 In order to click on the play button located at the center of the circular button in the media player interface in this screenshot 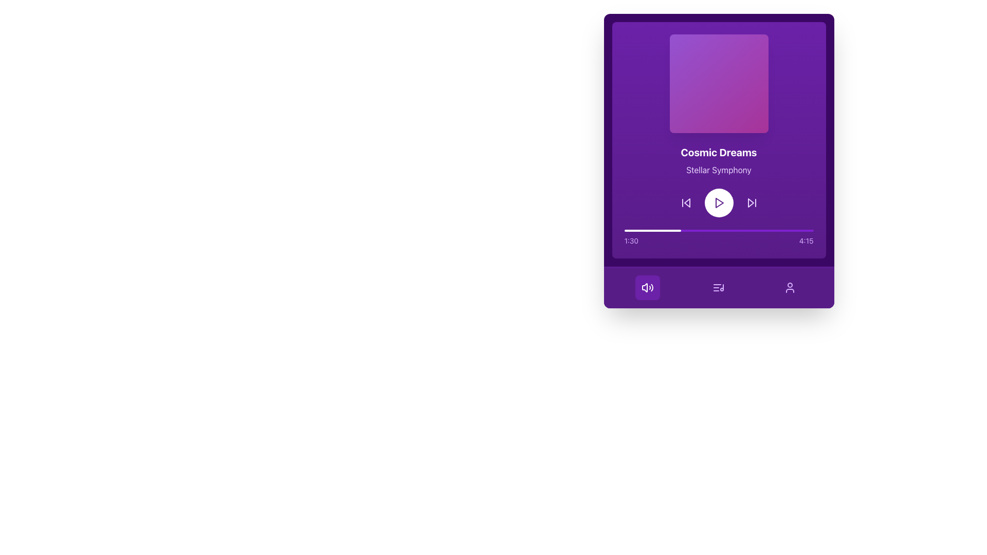, I will do `click(718, 202)`.